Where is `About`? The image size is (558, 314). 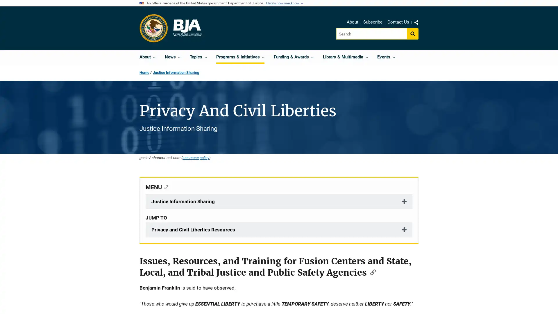
About is located at coordinates (147, 57).